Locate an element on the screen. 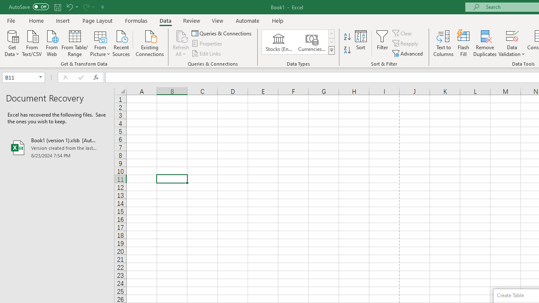  'Data Validation...' is located at coordinates (512, 35).